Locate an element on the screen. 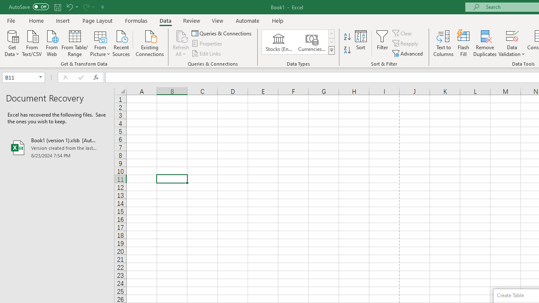  'Data Validation...' is located at coordinates (512, 35).